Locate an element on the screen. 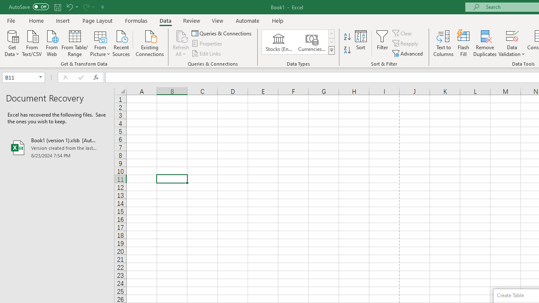  'Data Validation...' is located at coordinates (512, 35).